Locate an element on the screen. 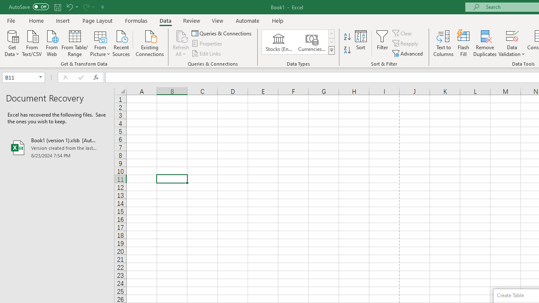  'Data Validation...' is located at coordinates (512, 35).